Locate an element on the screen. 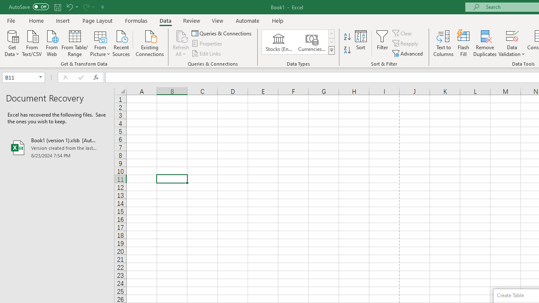  'Data Validation...' is located at coordinates (512, 35).